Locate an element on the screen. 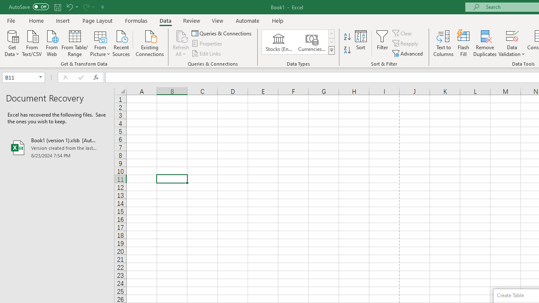  'Data Validation...' is located at coordinates (512, 35).